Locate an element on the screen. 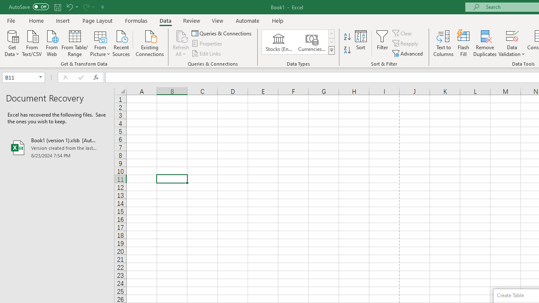  'Data Validation...' is located at coordinates (512, 35).